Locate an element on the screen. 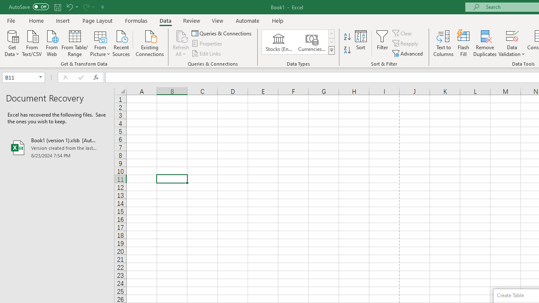  'Data Validation...' is located at coordinates (512, 35).